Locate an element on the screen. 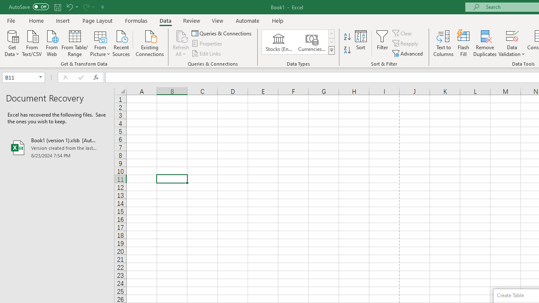  'Data Validation...' is located at coordinates (512, 35).